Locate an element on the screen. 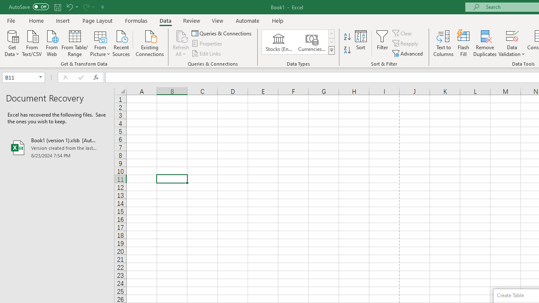  'Data Validation...' is located at coordinates (512, 35).